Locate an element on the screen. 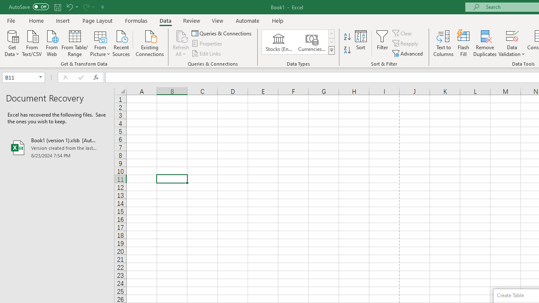  'Data Validation...' is located at coordinates (512, 35).